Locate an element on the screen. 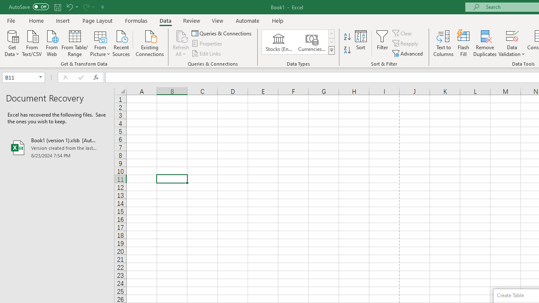  'Data Validation...' is located at coordinates (512, 35).